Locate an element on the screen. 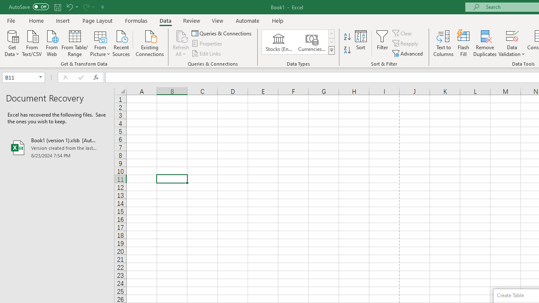  'Data Validation...' is located at coordinates (512, 35).